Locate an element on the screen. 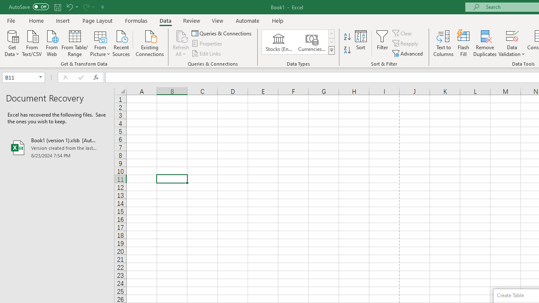  'Data Validation...' is located at coordinates (512, 35).